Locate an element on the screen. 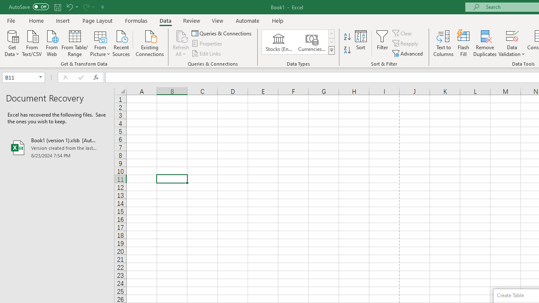  'Data Validation...' is located at coordinates (512, 35).